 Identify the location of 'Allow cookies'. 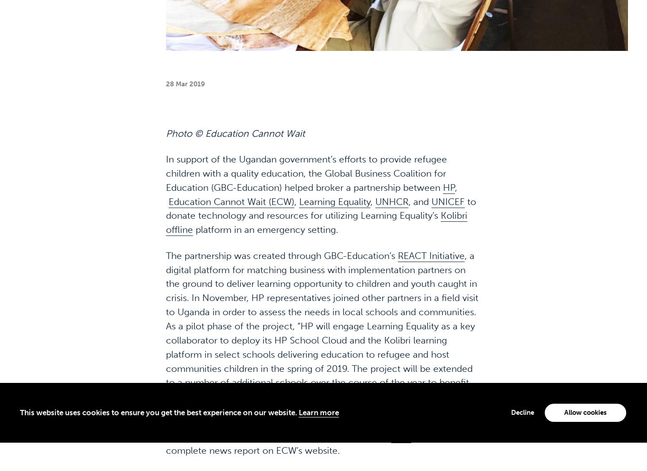
(564, 384).